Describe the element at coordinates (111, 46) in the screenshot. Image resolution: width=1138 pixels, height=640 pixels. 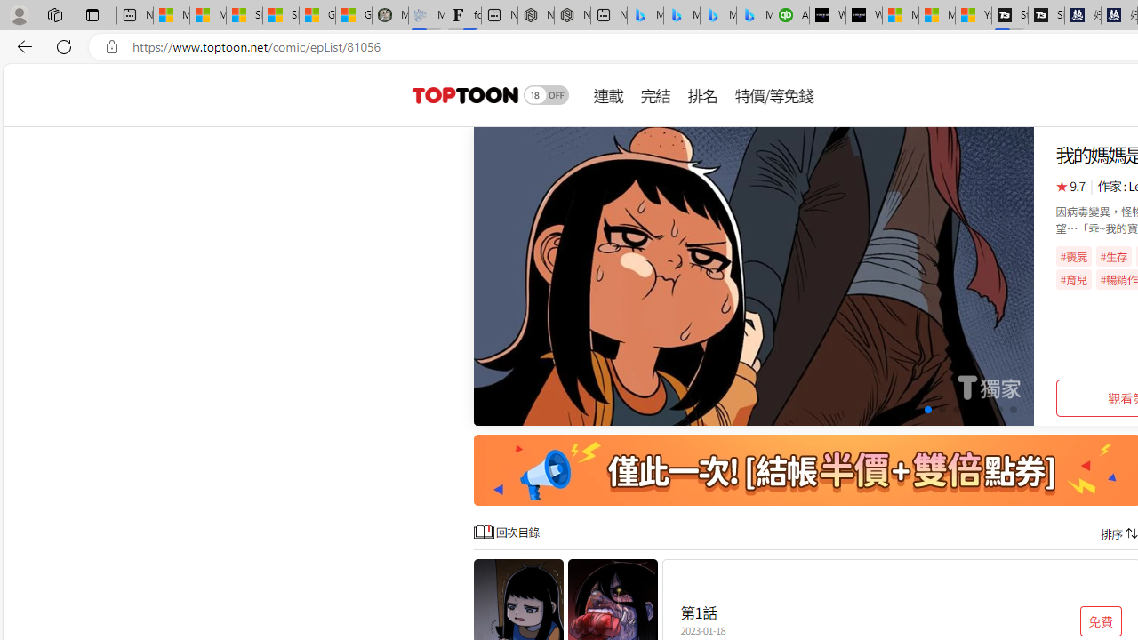
I see `'View site information'` at that location.